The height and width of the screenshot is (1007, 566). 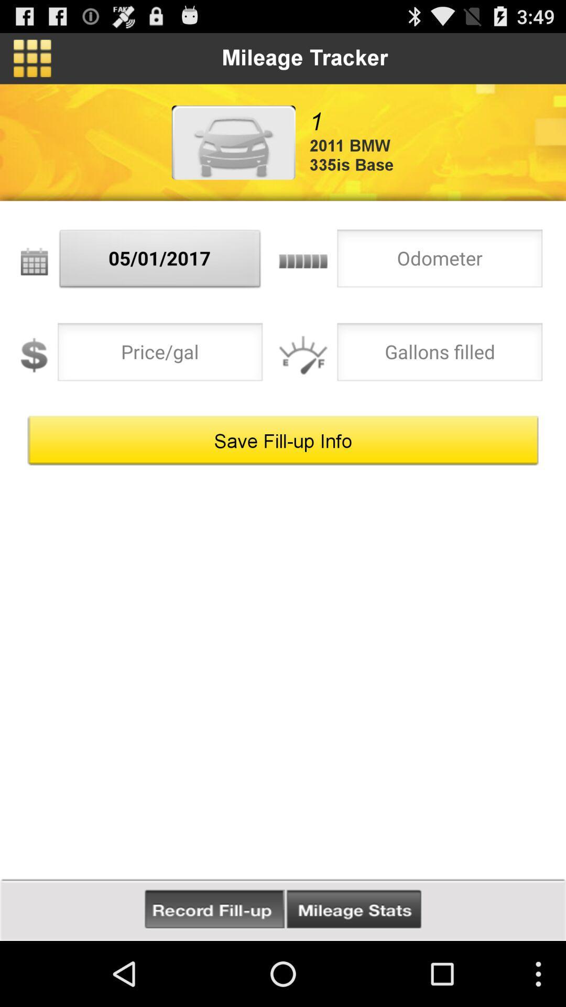 I want to click on price per gallon, so click(x=160, y=355).